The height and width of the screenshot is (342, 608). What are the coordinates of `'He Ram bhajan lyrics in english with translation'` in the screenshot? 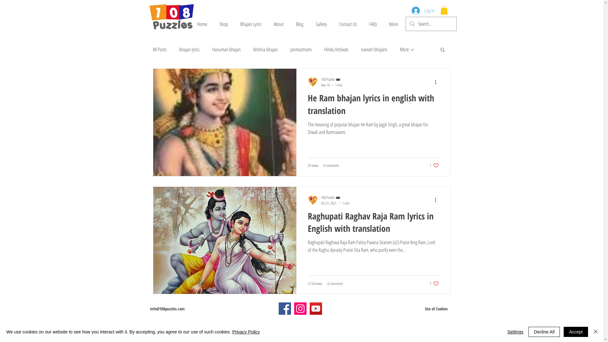 It's located at (373, 105).